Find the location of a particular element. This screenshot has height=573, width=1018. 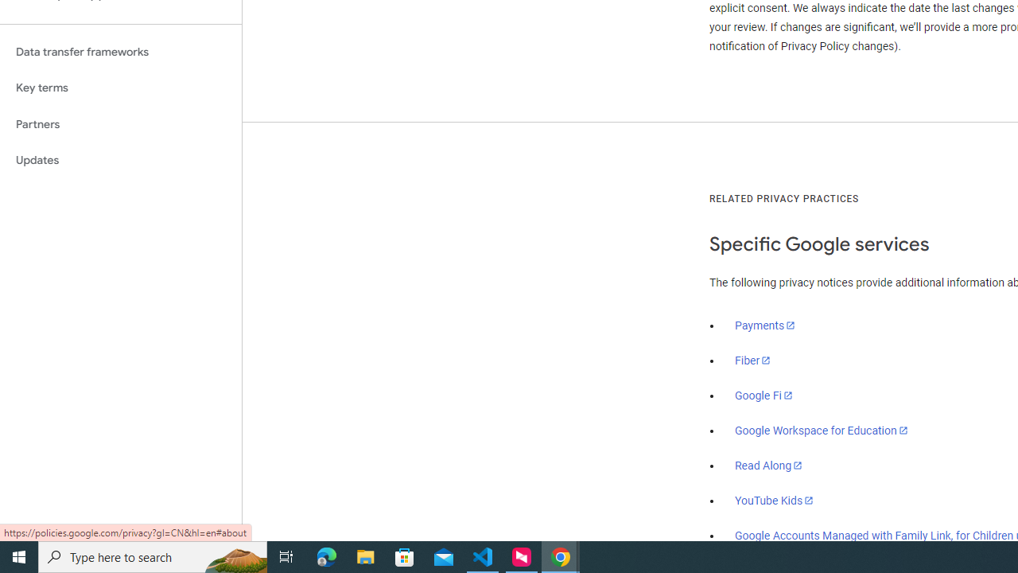

'Google Workspace for Education' is located at coordinates (821, 431).